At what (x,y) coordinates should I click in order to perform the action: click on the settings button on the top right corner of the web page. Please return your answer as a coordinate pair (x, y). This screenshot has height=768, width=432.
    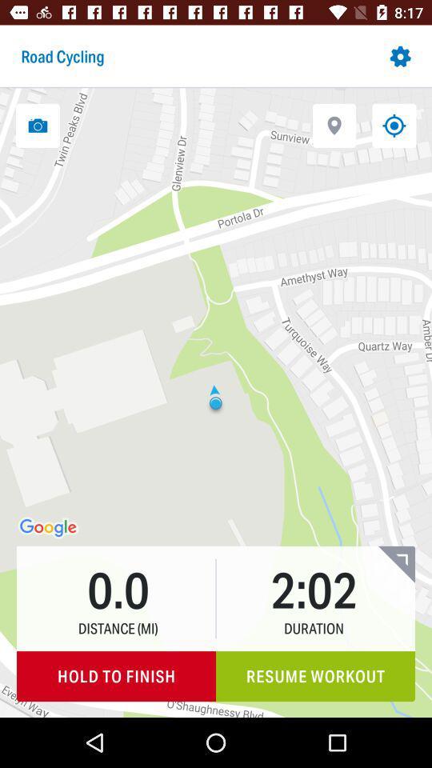
    Looking at the image, I should click on (403, 54).